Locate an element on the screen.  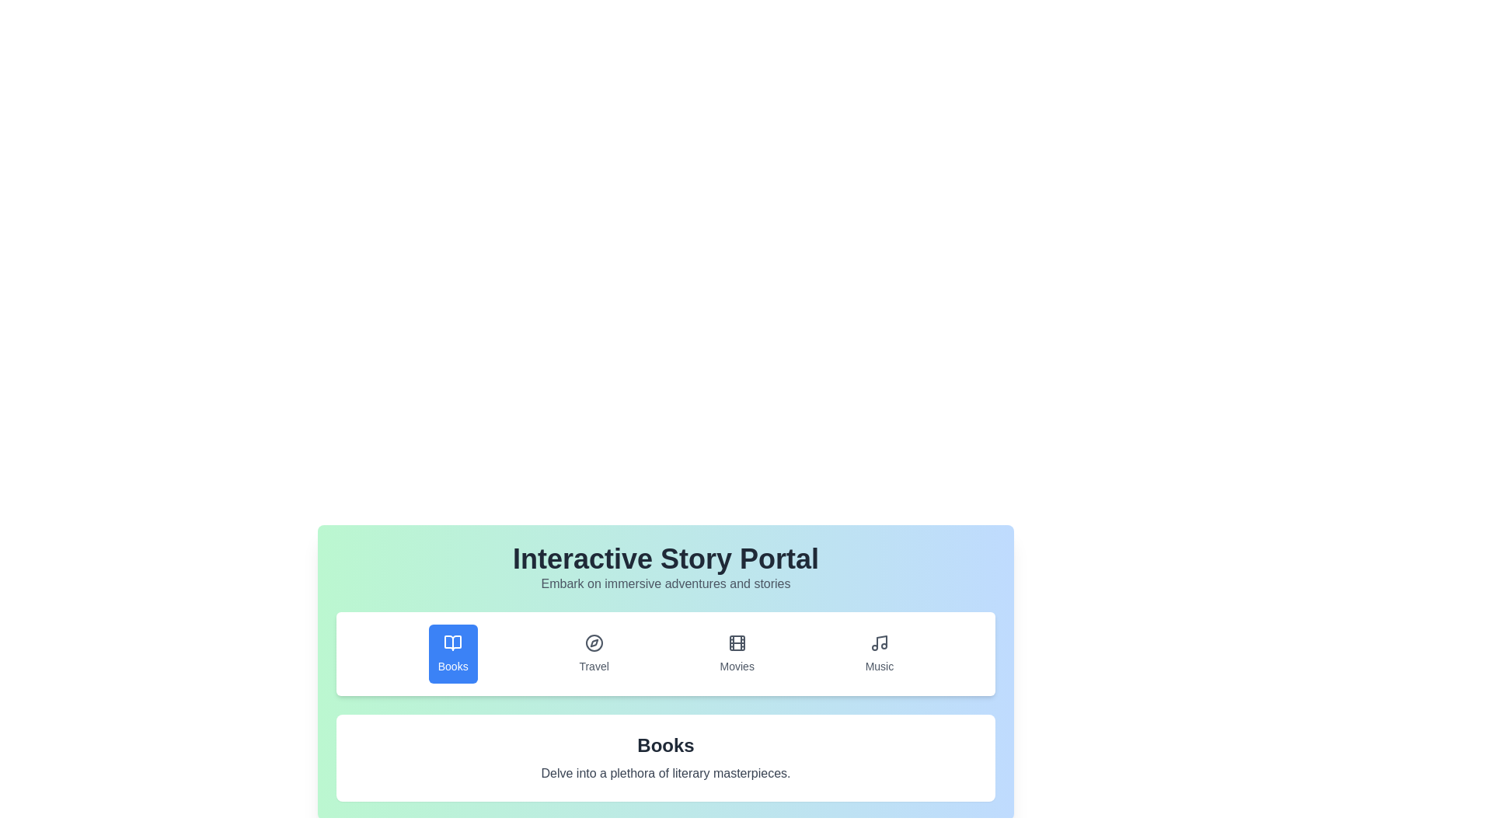
the 'Travel' button, which is the second clickable option in a group of four items (Books, Travel, Movies, Music) is located at coordinates (593, 653).